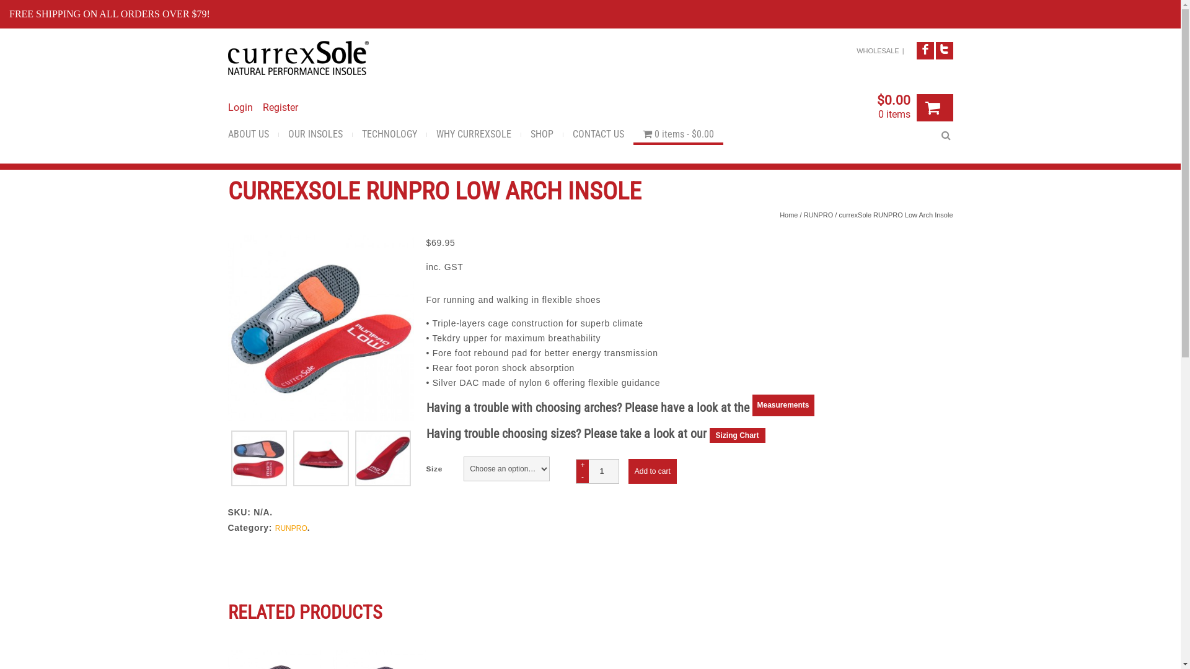 The image size is (1190, 669). I want to click on 'Measurements', so click(782, 409).